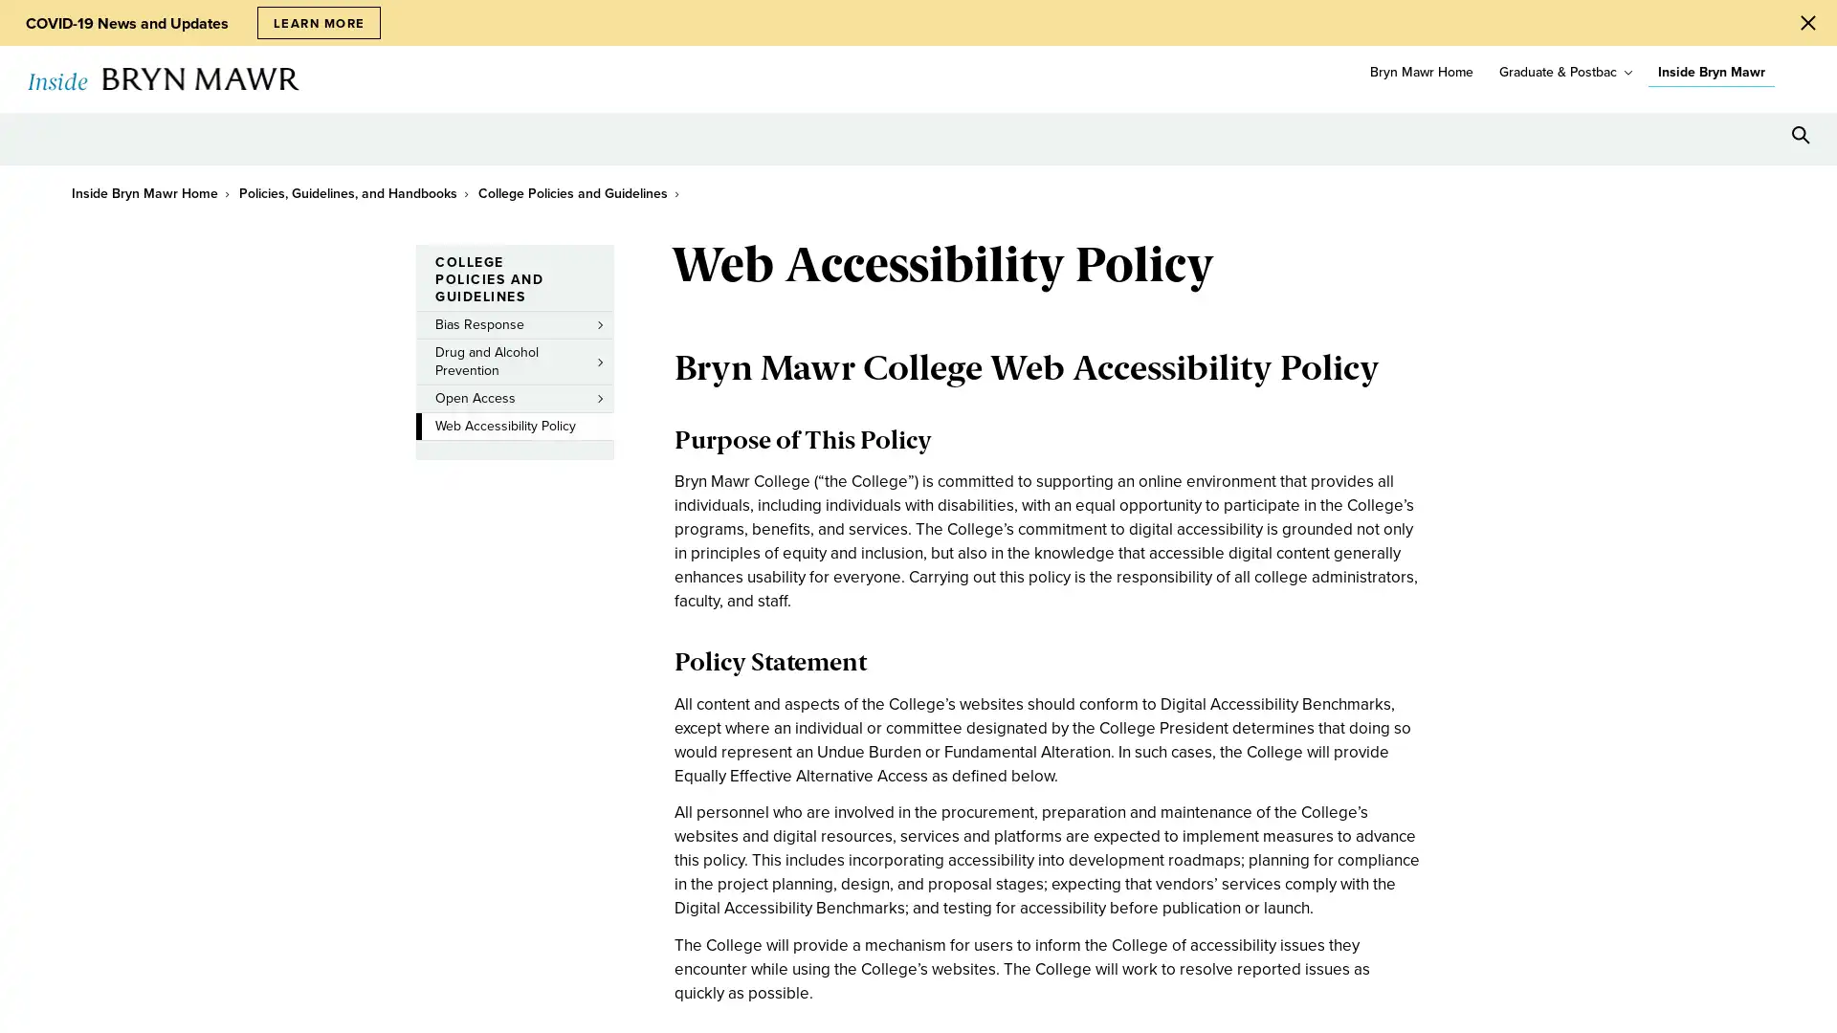 The width and height of the screenshot is (1837, 1033). I want to click on Close Alert, so click(1806, 22).